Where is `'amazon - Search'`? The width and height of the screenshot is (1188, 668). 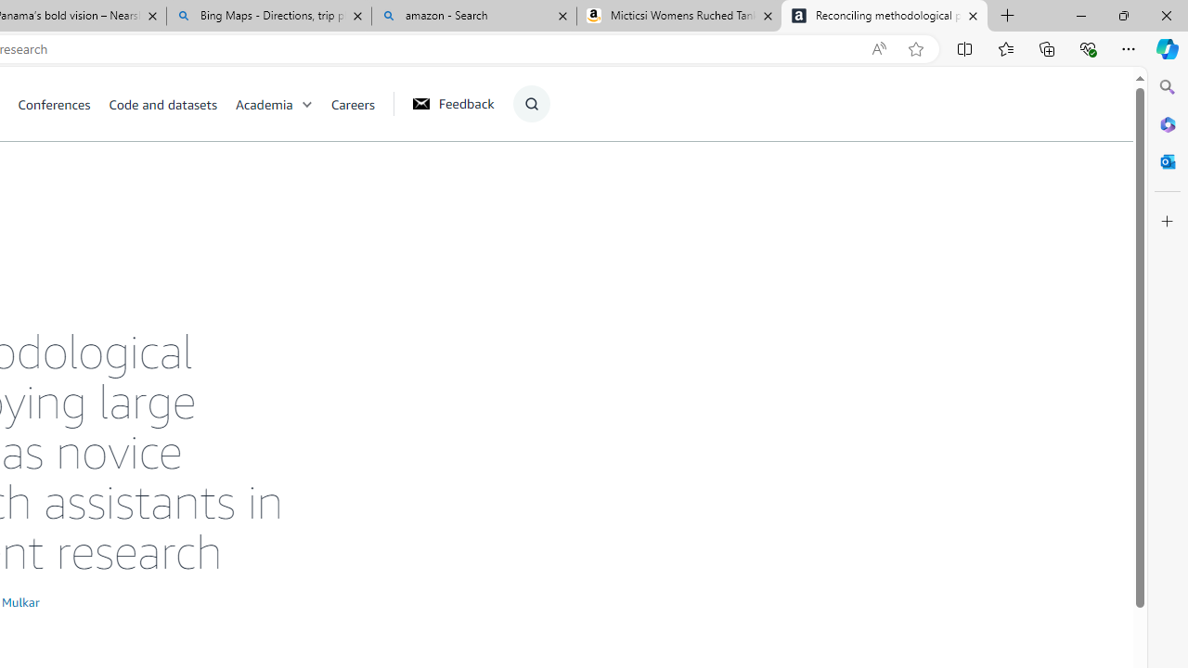
'amazon - Search' is located at coordinates (473, 16).